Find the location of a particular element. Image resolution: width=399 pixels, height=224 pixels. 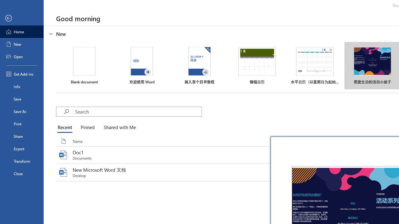

'Print' is located at coordinates (22, 124).